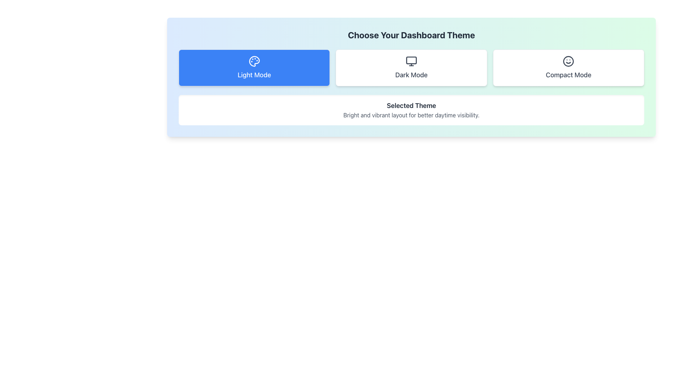  What do you see at coordinates (411, 68) in the screenshot?
I see `the 'Dark Mode' button located in the middle column of the three-column layout` at bounding box center [411, 68].